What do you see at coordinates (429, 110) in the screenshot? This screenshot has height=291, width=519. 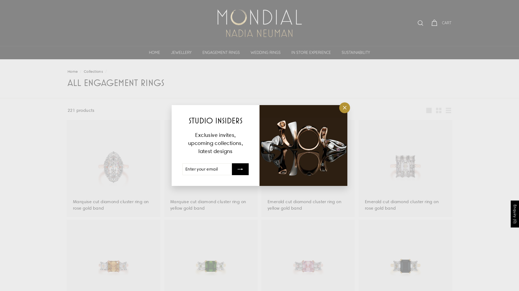 I see `'Large'` at bounding box center [429, 110].